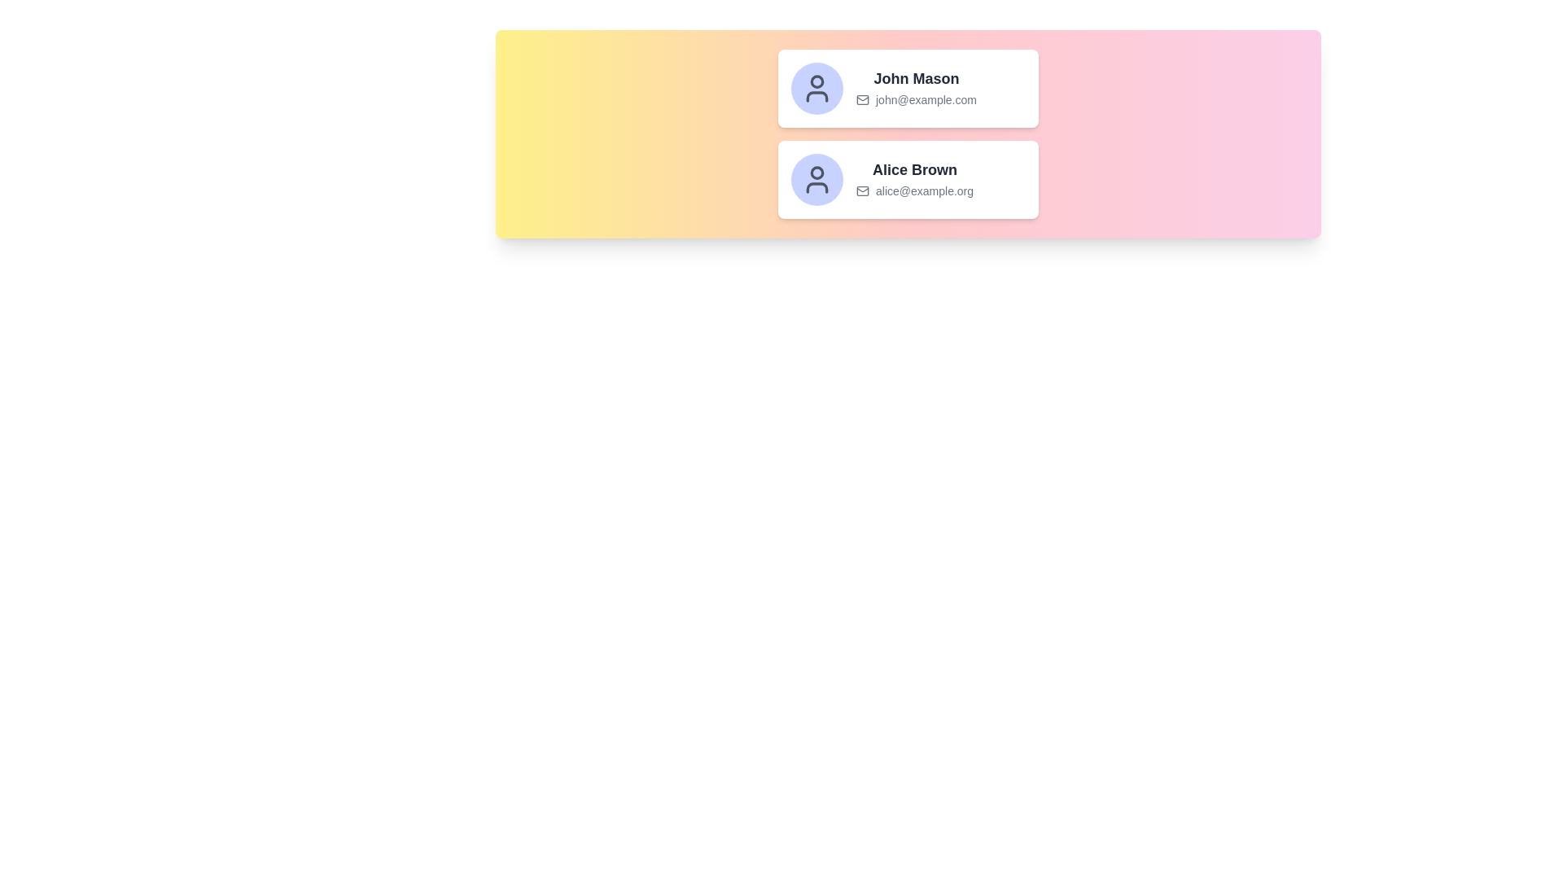 The image size is (1563, 879). What do you see at coordinates (817, 88) in the screenshot?
I see `the user profile icon located at the top of the vertically stacked group of two user profiles` at bounding box center [817, 88].